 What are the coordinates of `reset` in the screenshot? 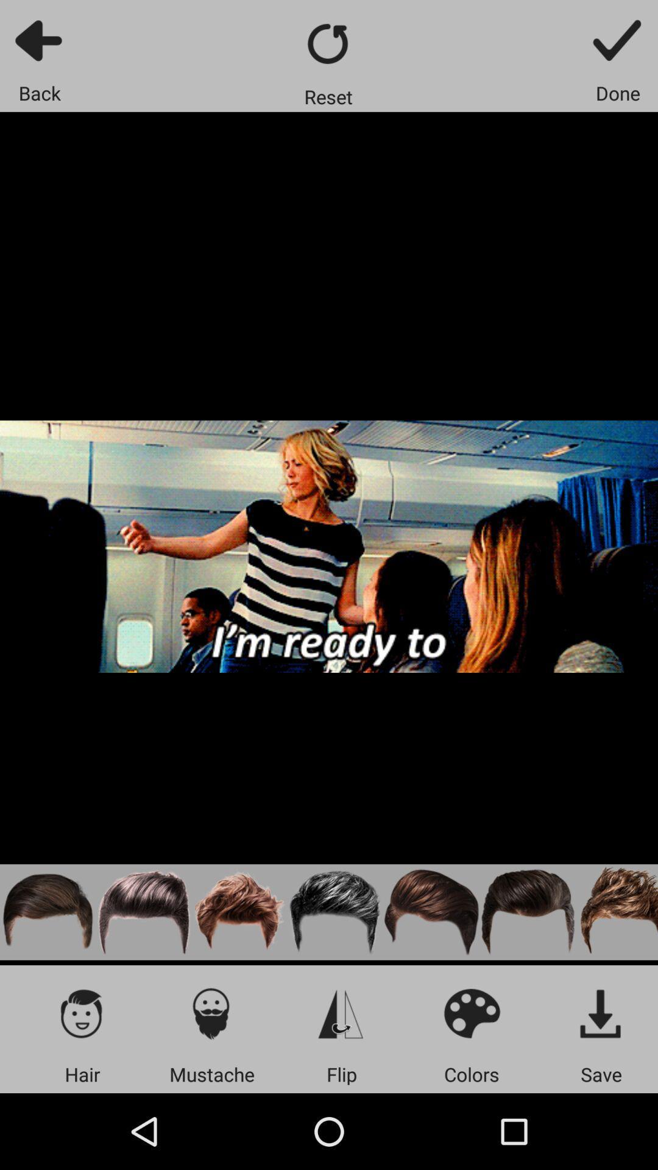 It's located at (328, 43).